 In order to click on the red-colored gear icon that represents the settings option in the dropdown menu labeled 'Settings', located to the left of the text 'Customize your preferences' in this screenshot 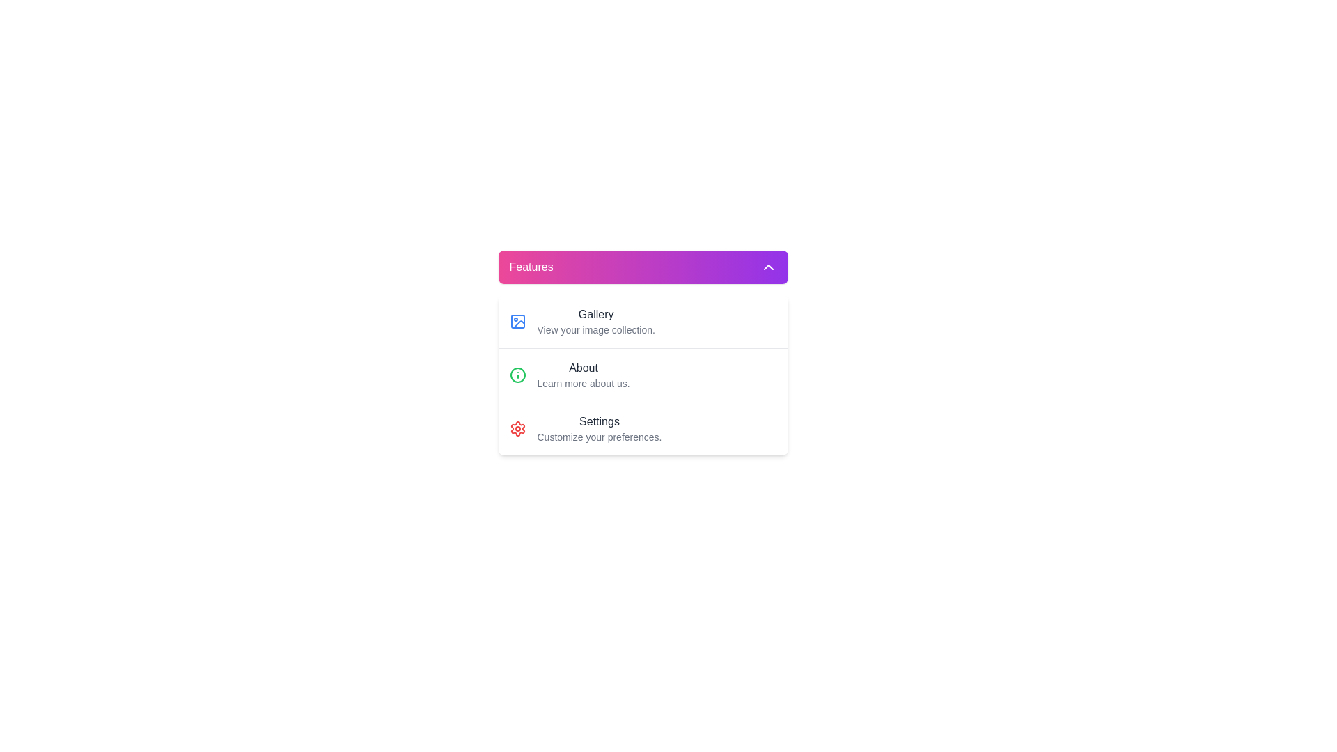, I will do `click(517, 428)`.